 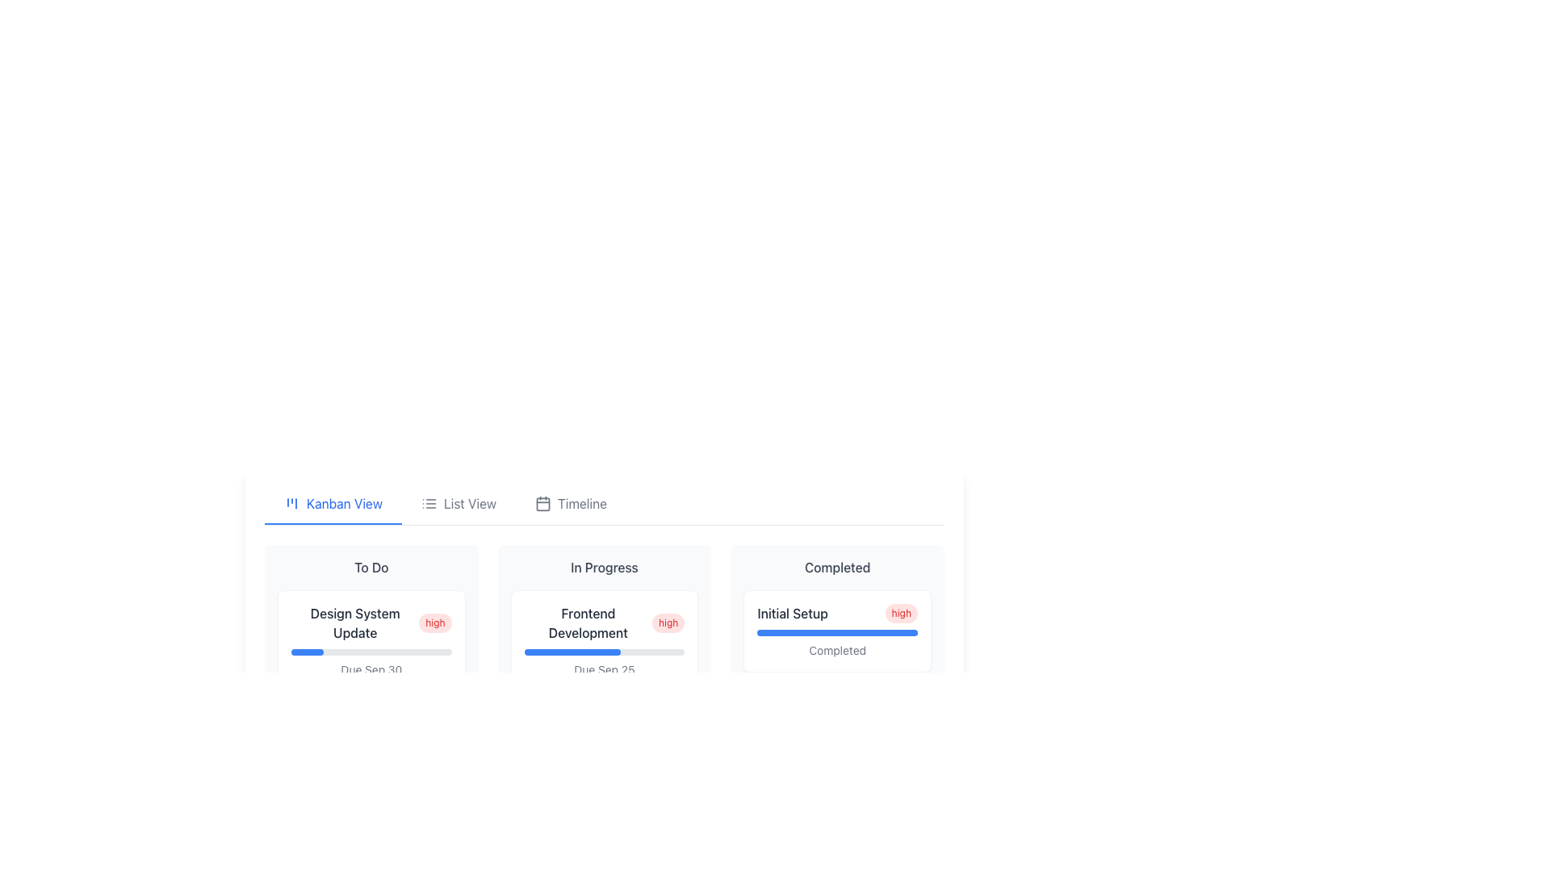 I want to click on the text displaying the due date for the task labeled 'Frontend Development', located beneath the progress bar in the 'In Progress' column, so click(x=603, y=669).